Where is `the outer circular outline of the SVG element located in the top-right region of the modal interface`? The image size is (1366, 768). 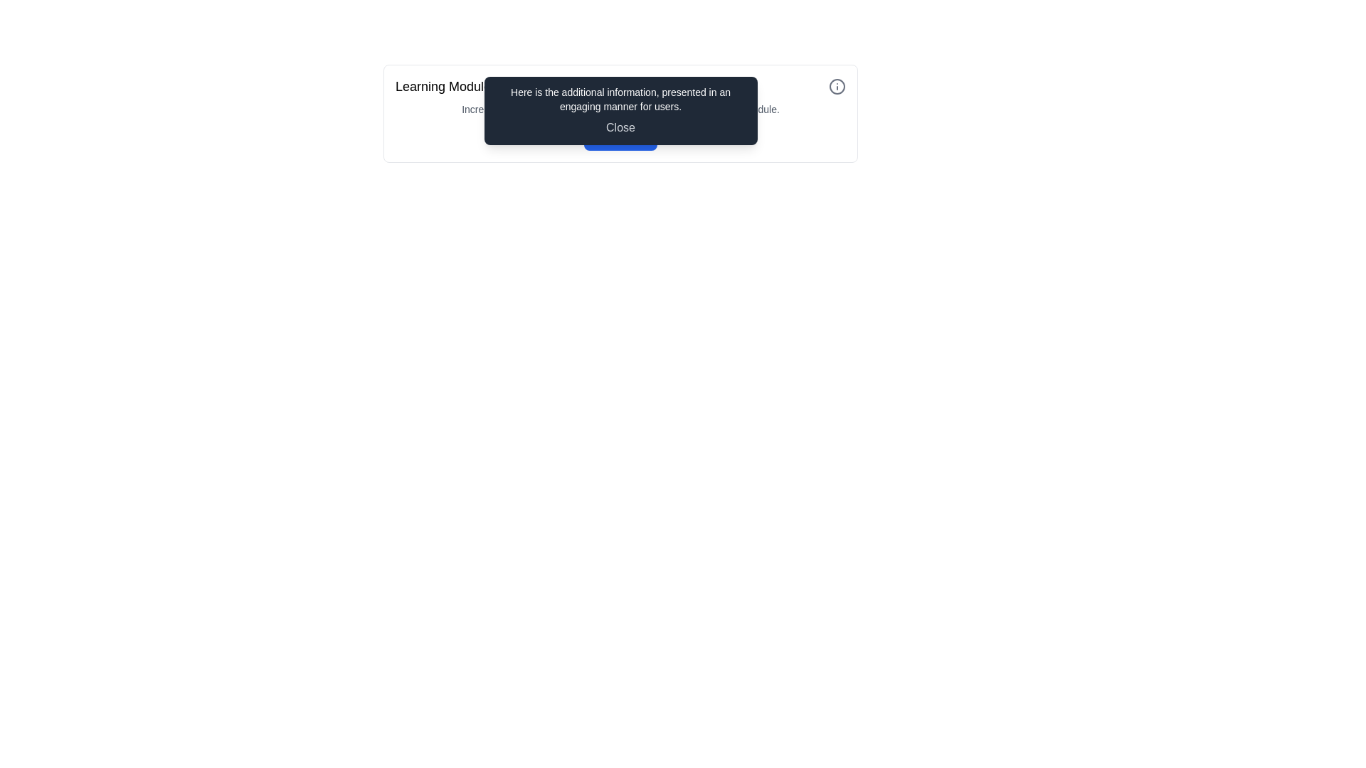
the outer circular outline of the SVG element located in the top-right region of the modal interface is located at coordinates (837, 87).